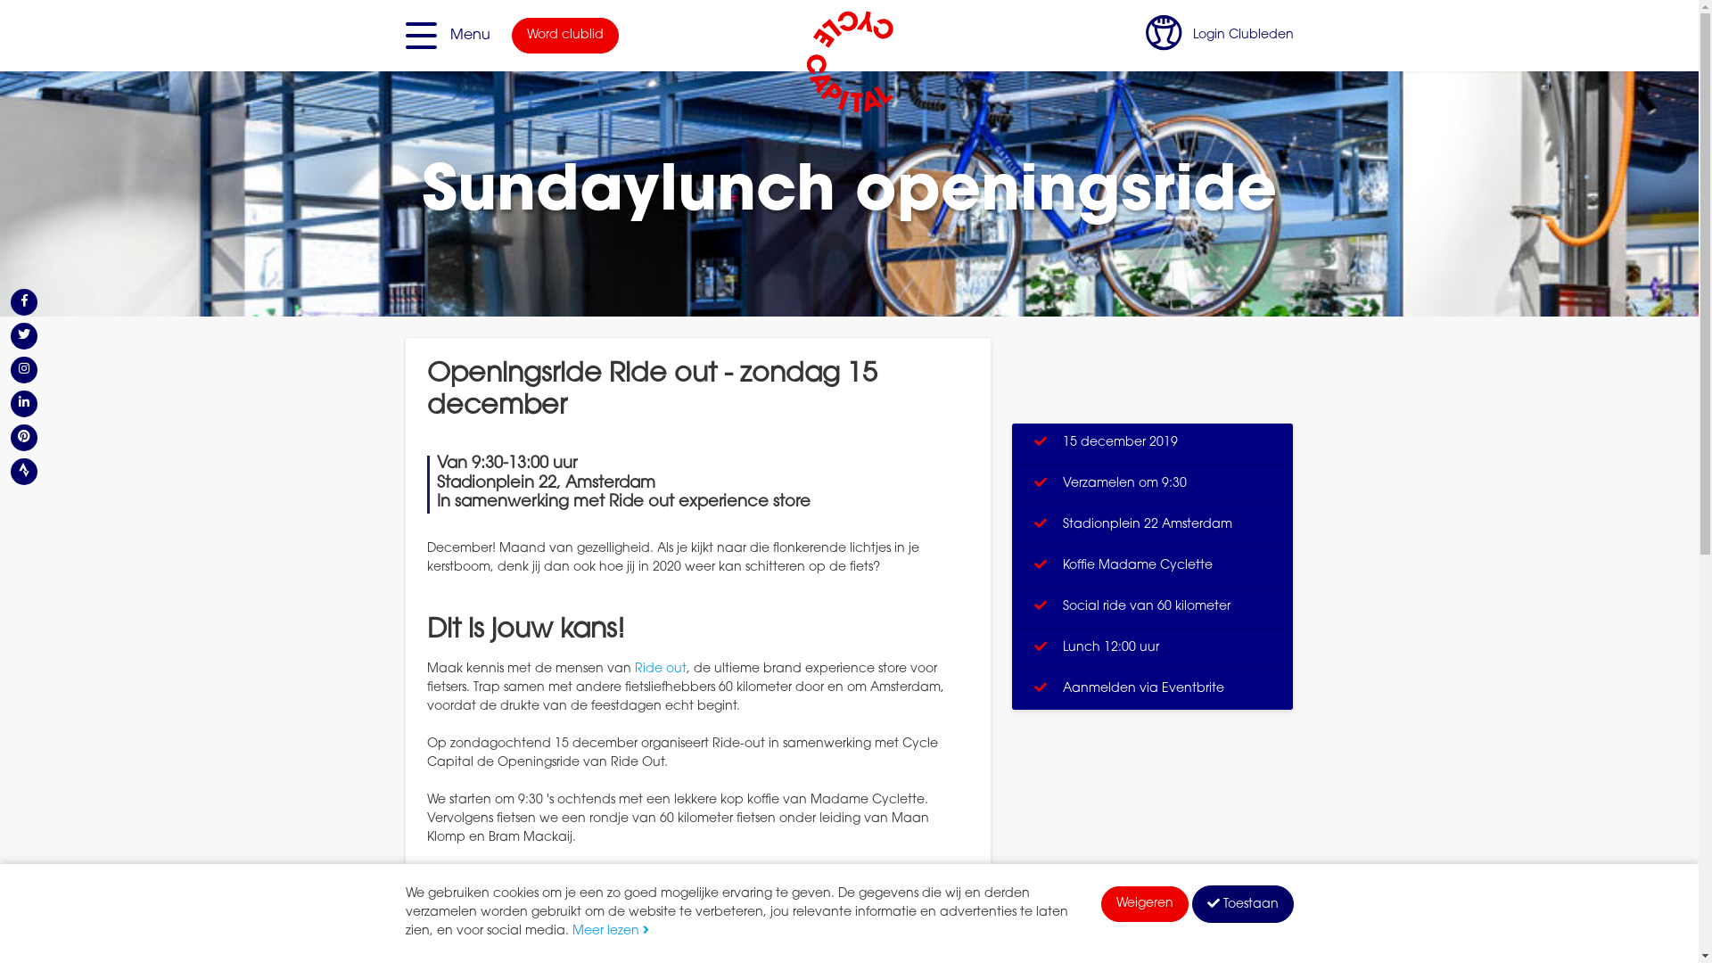 This screenshot has height=963, width=1712. I want to click on 'Menu', so click(447, 35).